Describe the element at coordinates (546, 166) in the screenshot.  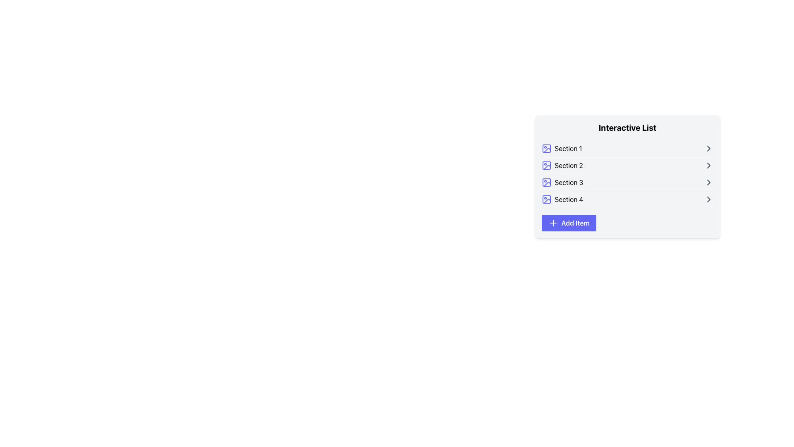
I see `the square-shaped indigo outlined icon with a minimalistic design located to the left of the text label 'Section 2'` at that location.